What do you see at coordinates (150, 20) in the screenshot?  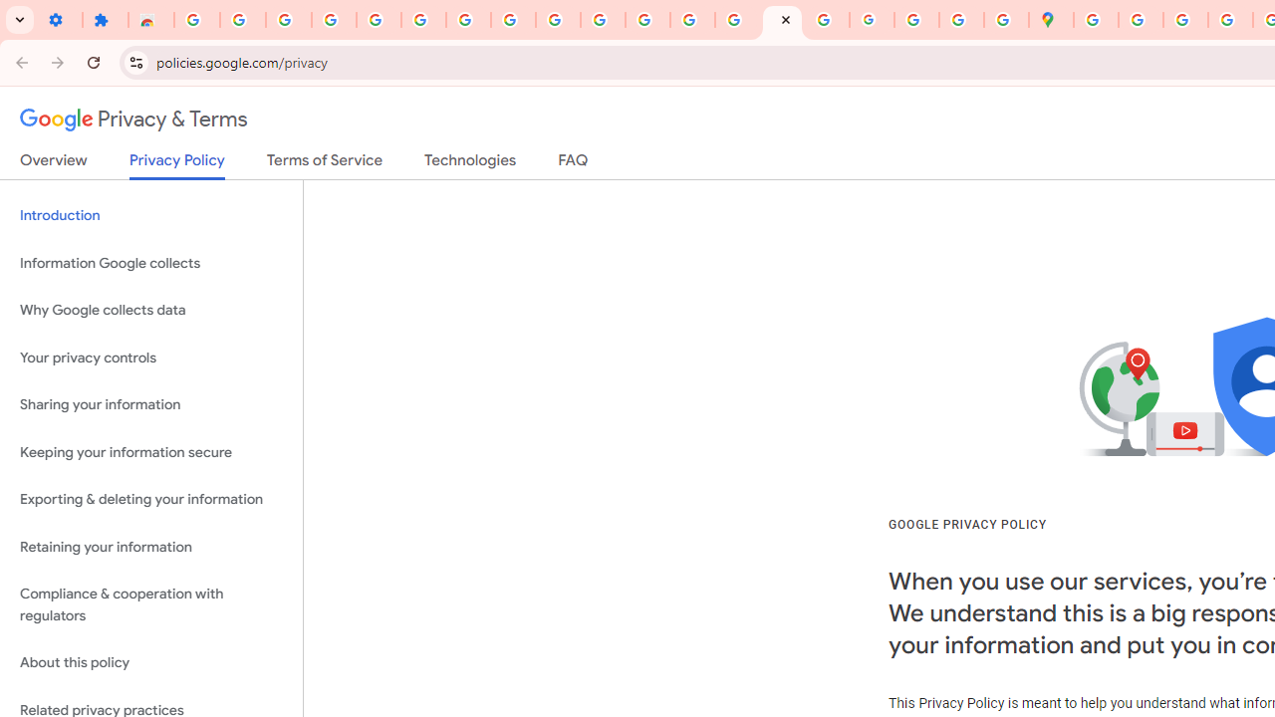 I see `'Reviews: Helix Fruit Jump Arcade Game'` at bounding box center [150, 20].